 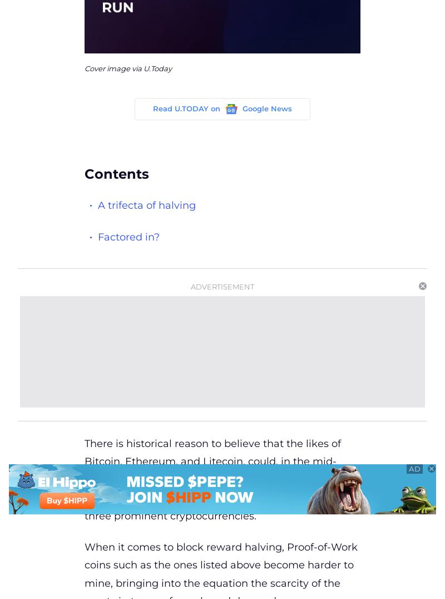 What do you see at coordinates (85, 173) in the screenshot?
I see `'Contents'` at bounding box center [85, 173].